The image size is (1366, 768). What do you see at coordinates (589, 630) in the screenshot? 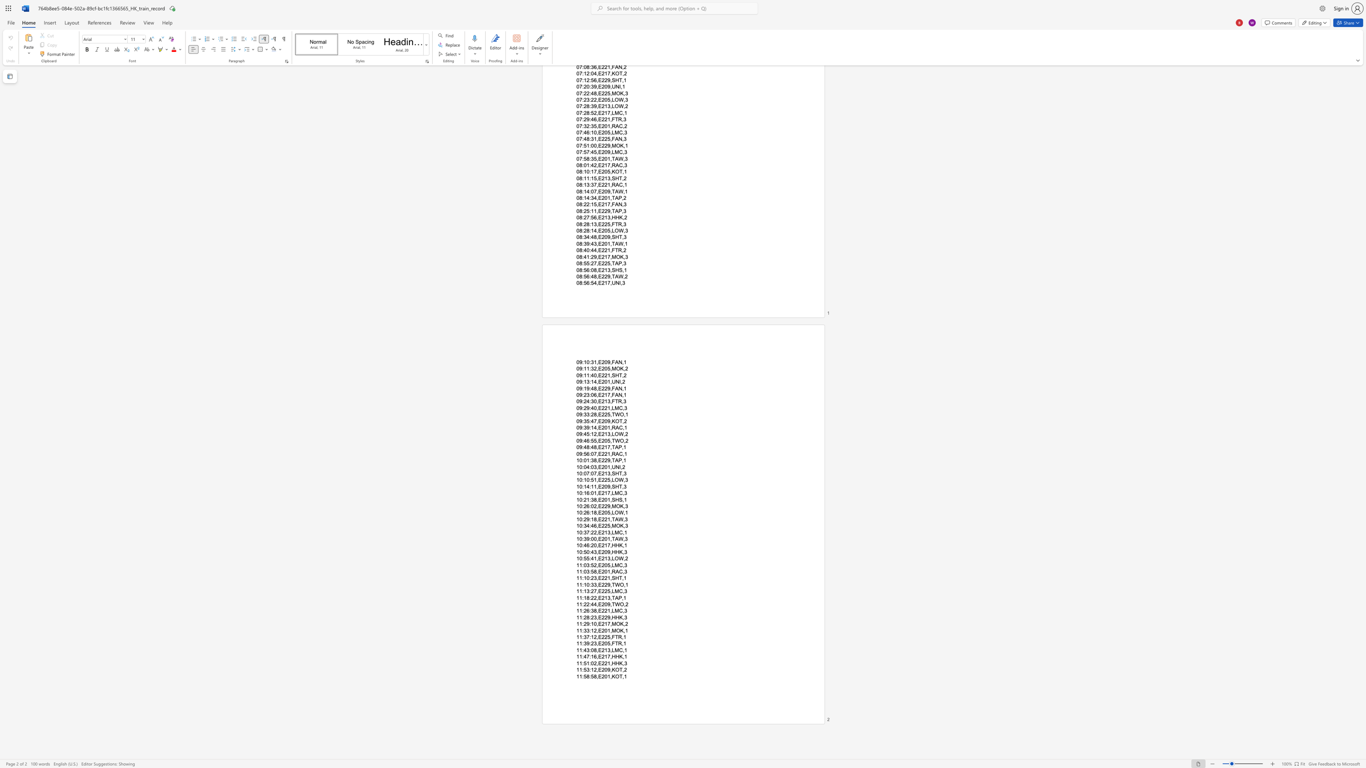
I see `the space between the continuous character "3" and ":" in the text` at bounding box center [589, 630].